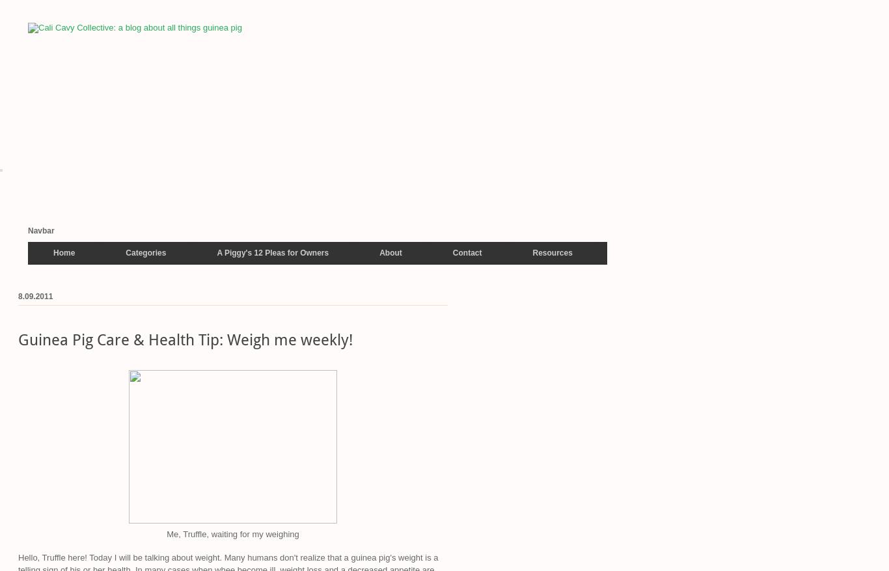  I want to click on 'Home', so click(53, 251).